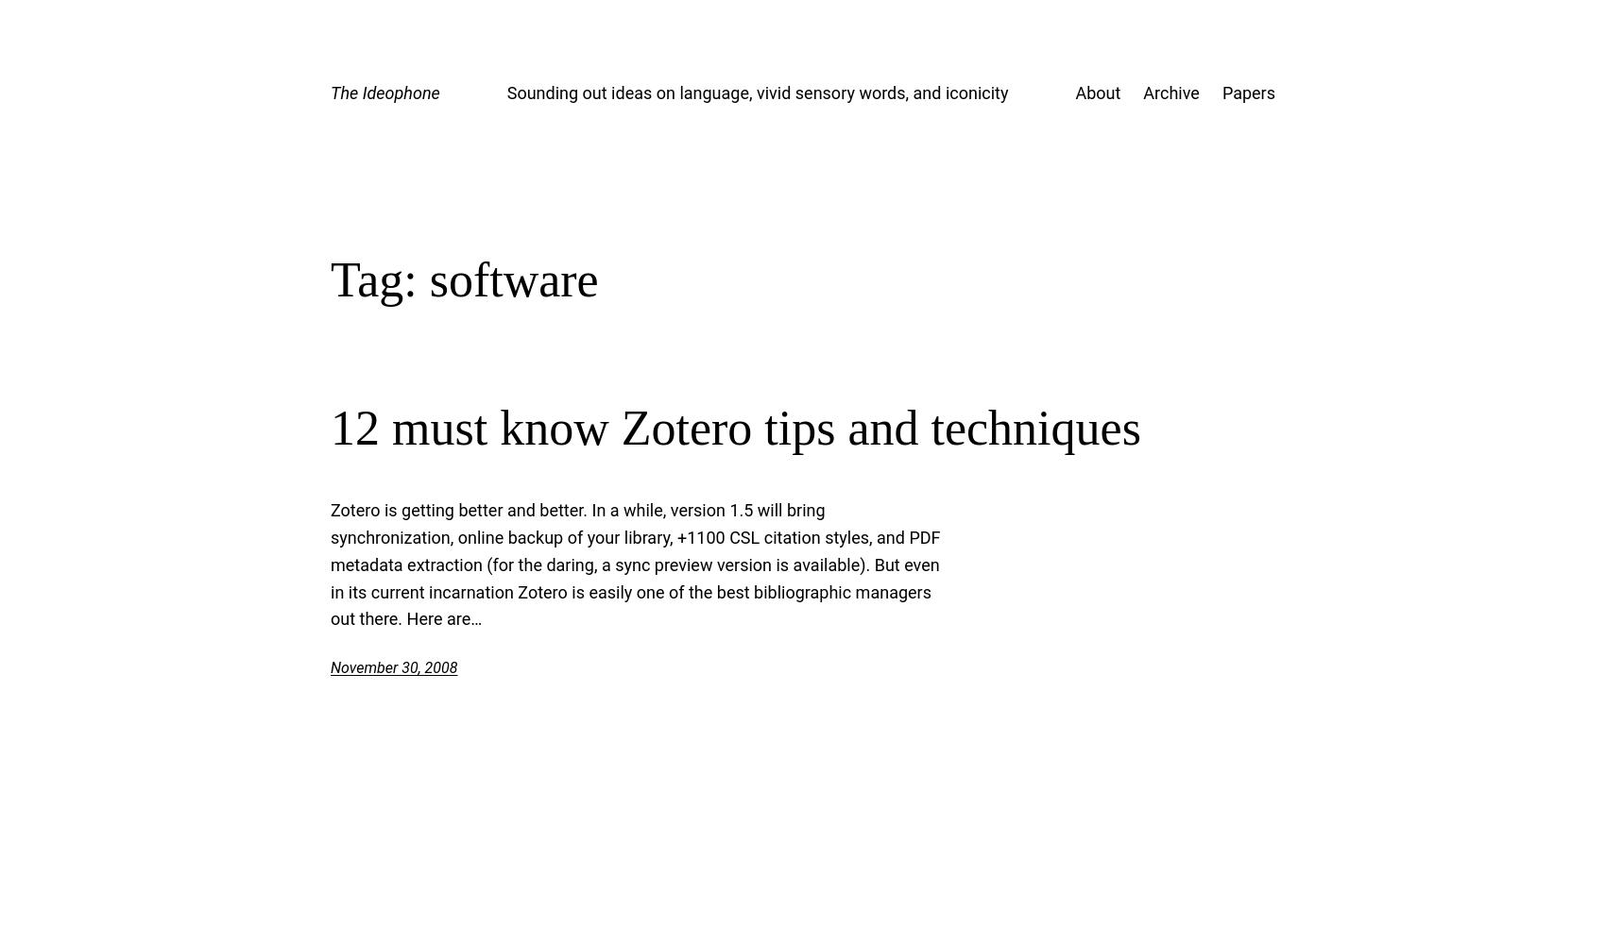  Describe the element at coordinates (393, 666) in the screenshot. I see `'November 30, 2008'` at that location.